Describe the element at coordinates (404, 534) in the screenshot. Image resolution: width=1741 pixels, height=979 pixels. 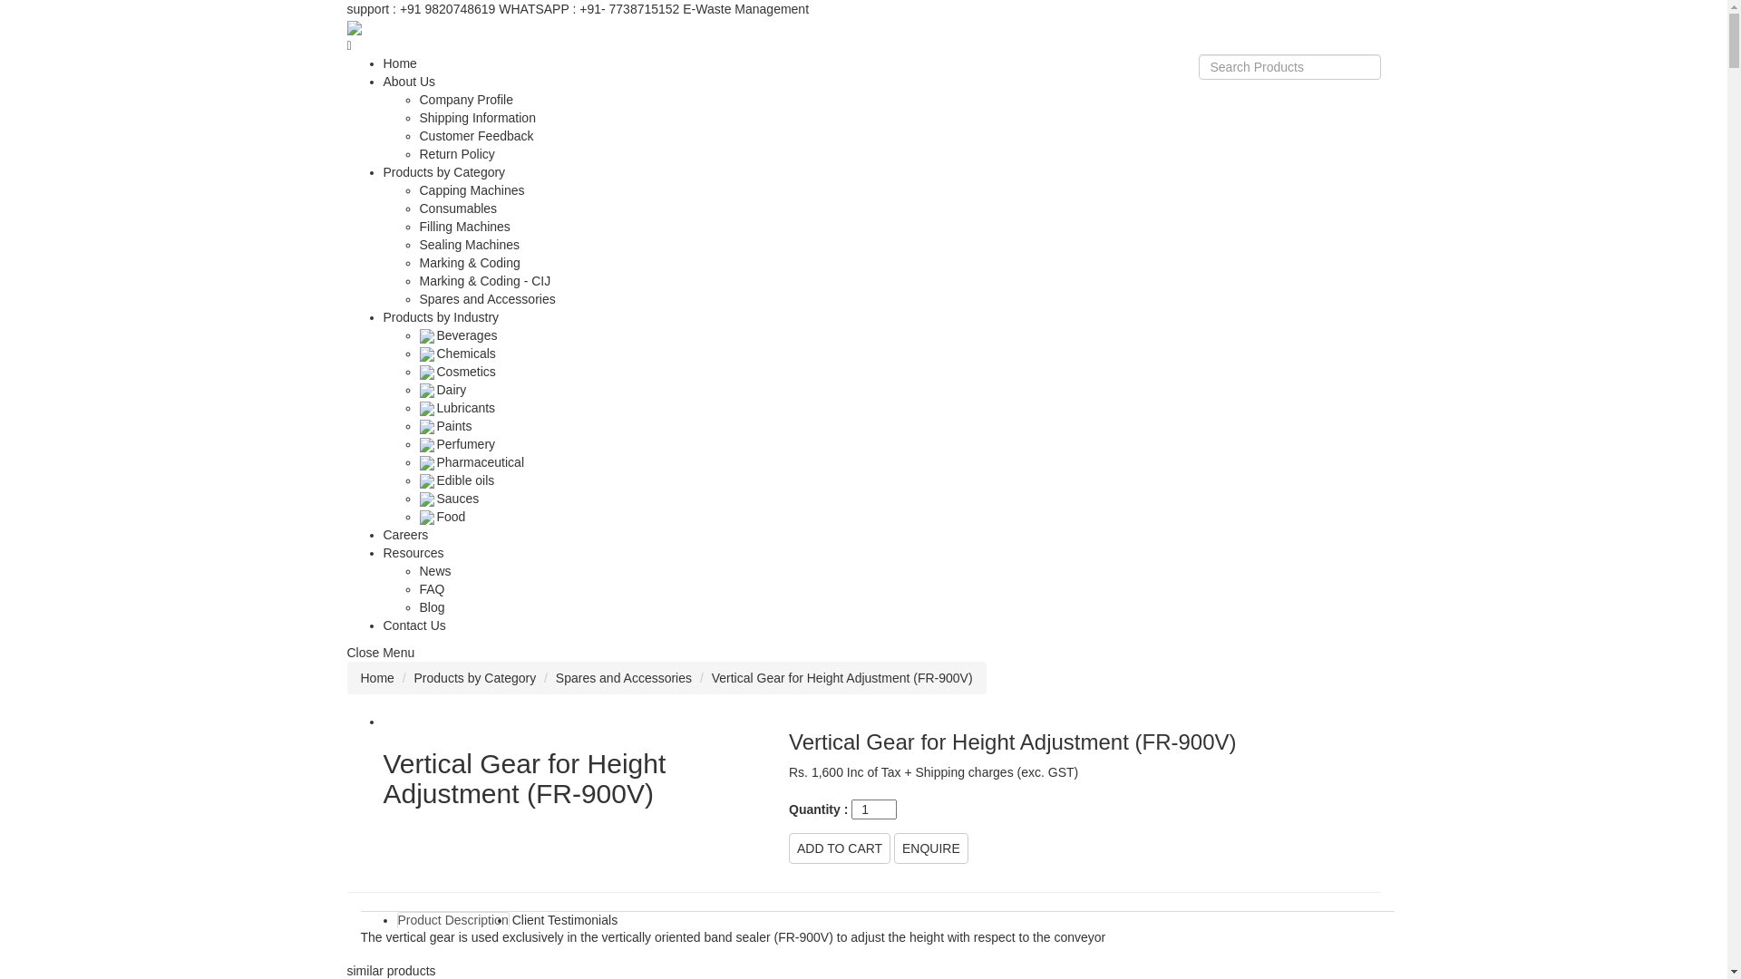
I see `'Careers'` at that location.